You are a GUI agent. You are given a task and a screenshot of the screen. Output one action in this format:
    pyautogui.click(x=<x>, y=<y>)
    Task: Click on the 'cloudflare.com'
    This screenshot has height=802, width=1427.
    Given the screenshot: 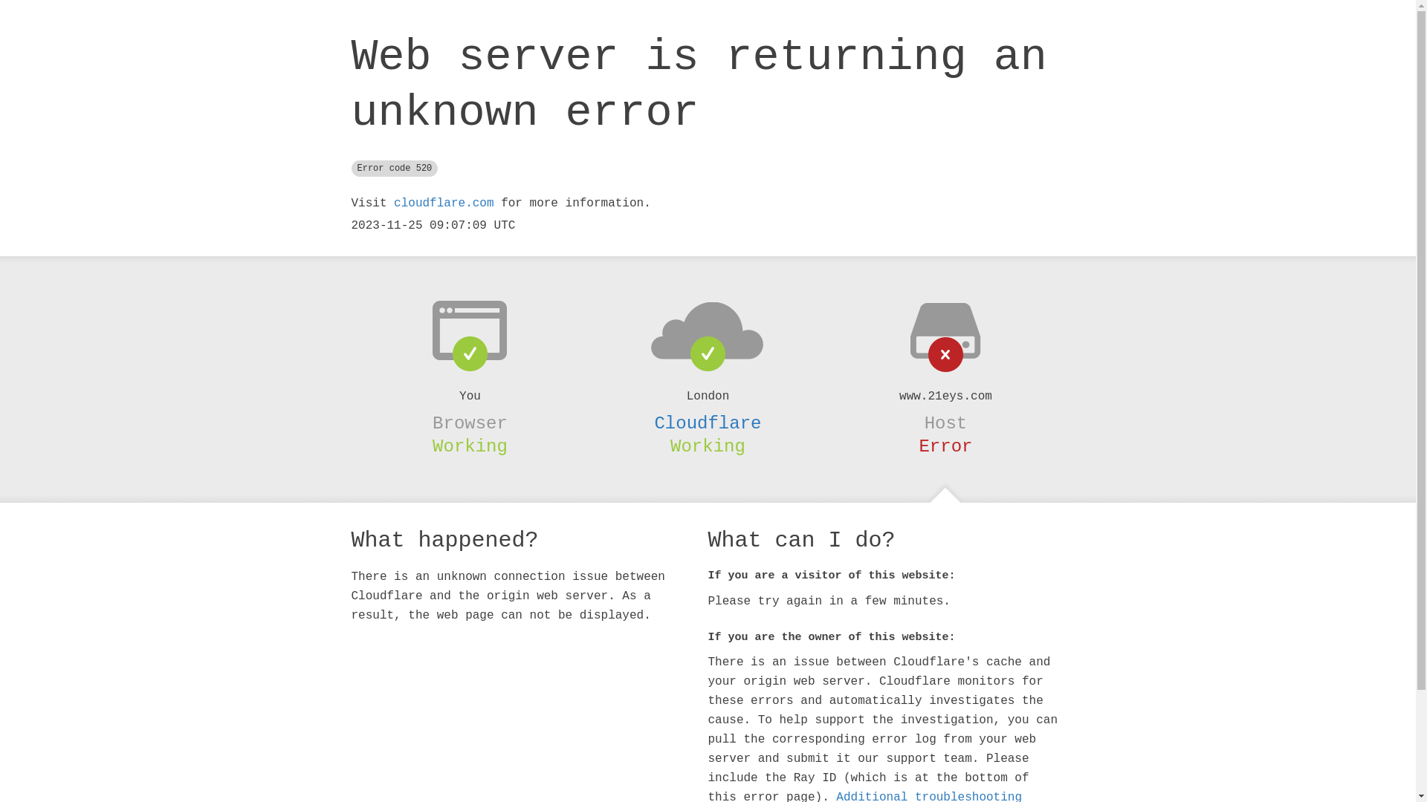 What is the action you would take?
    pyautogui.click(x=442, y=203)
    